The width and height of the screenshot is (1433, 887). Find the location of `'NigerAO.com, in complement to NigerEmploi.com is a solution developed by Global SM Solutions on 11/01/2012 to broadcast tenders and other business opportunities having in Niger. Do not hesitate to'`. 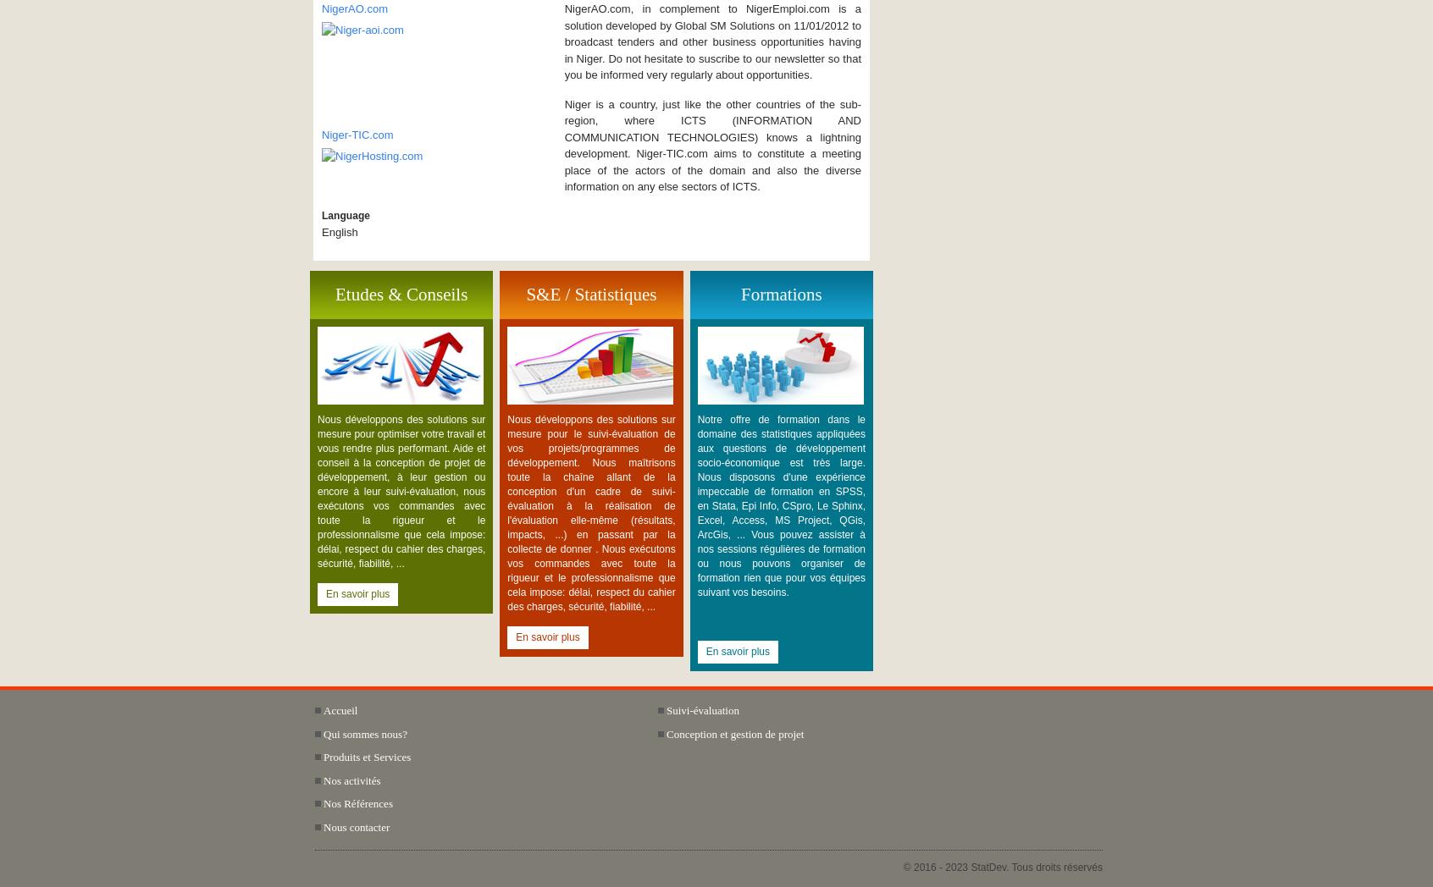

'NigerAO.com, in complement to NigerEmploi.com is a solution developed by Global SM Solutions on 11/01/2012 to broadcast tenders and other business opportunities having in Niger. Do not hesitate to' is located at coordinates (712, 32).